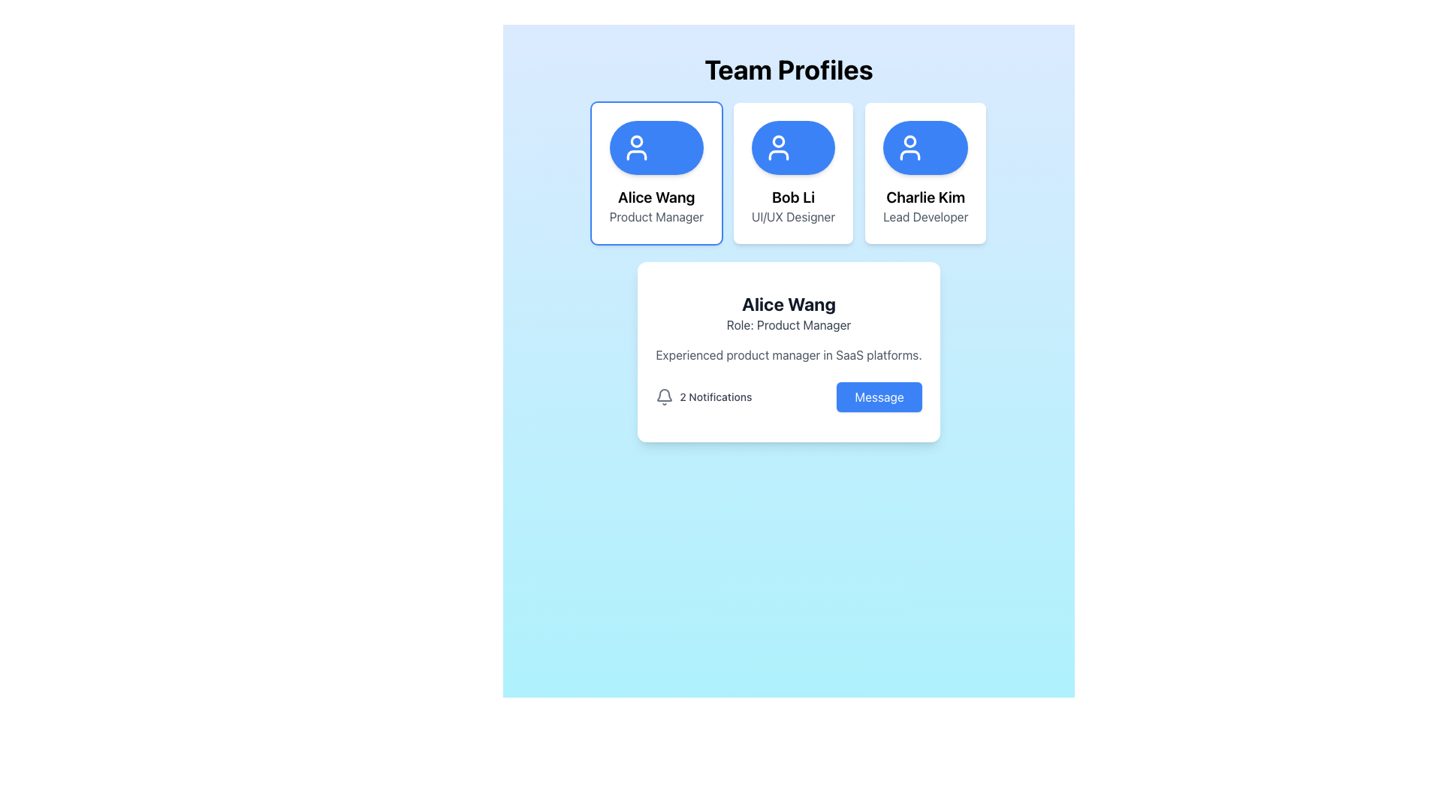  Describe the element at coordinates (664, 394) in the screenshot. I see `the top portion of the bell-shaped vector graphic within the SVG on the 'Alice Wang' profile card` at that location.